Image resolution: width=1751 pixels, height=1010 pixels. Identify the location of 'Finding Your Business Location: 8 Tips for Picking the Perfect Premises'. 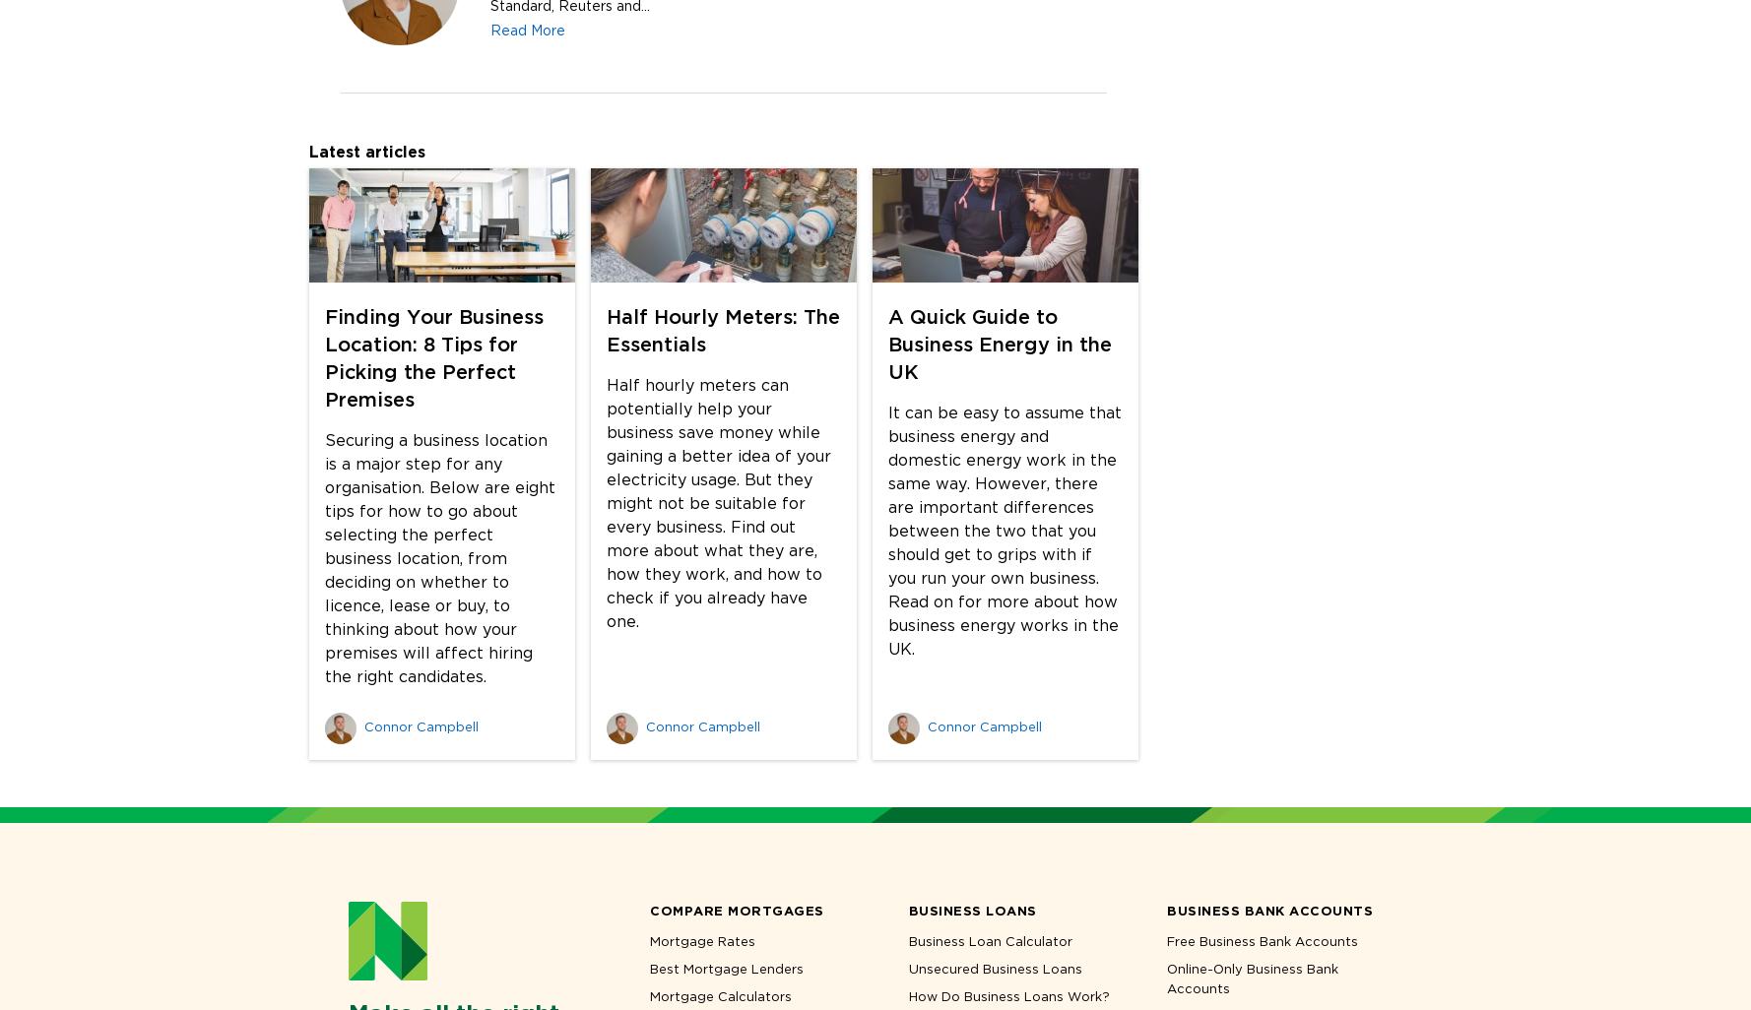
(433, 355).